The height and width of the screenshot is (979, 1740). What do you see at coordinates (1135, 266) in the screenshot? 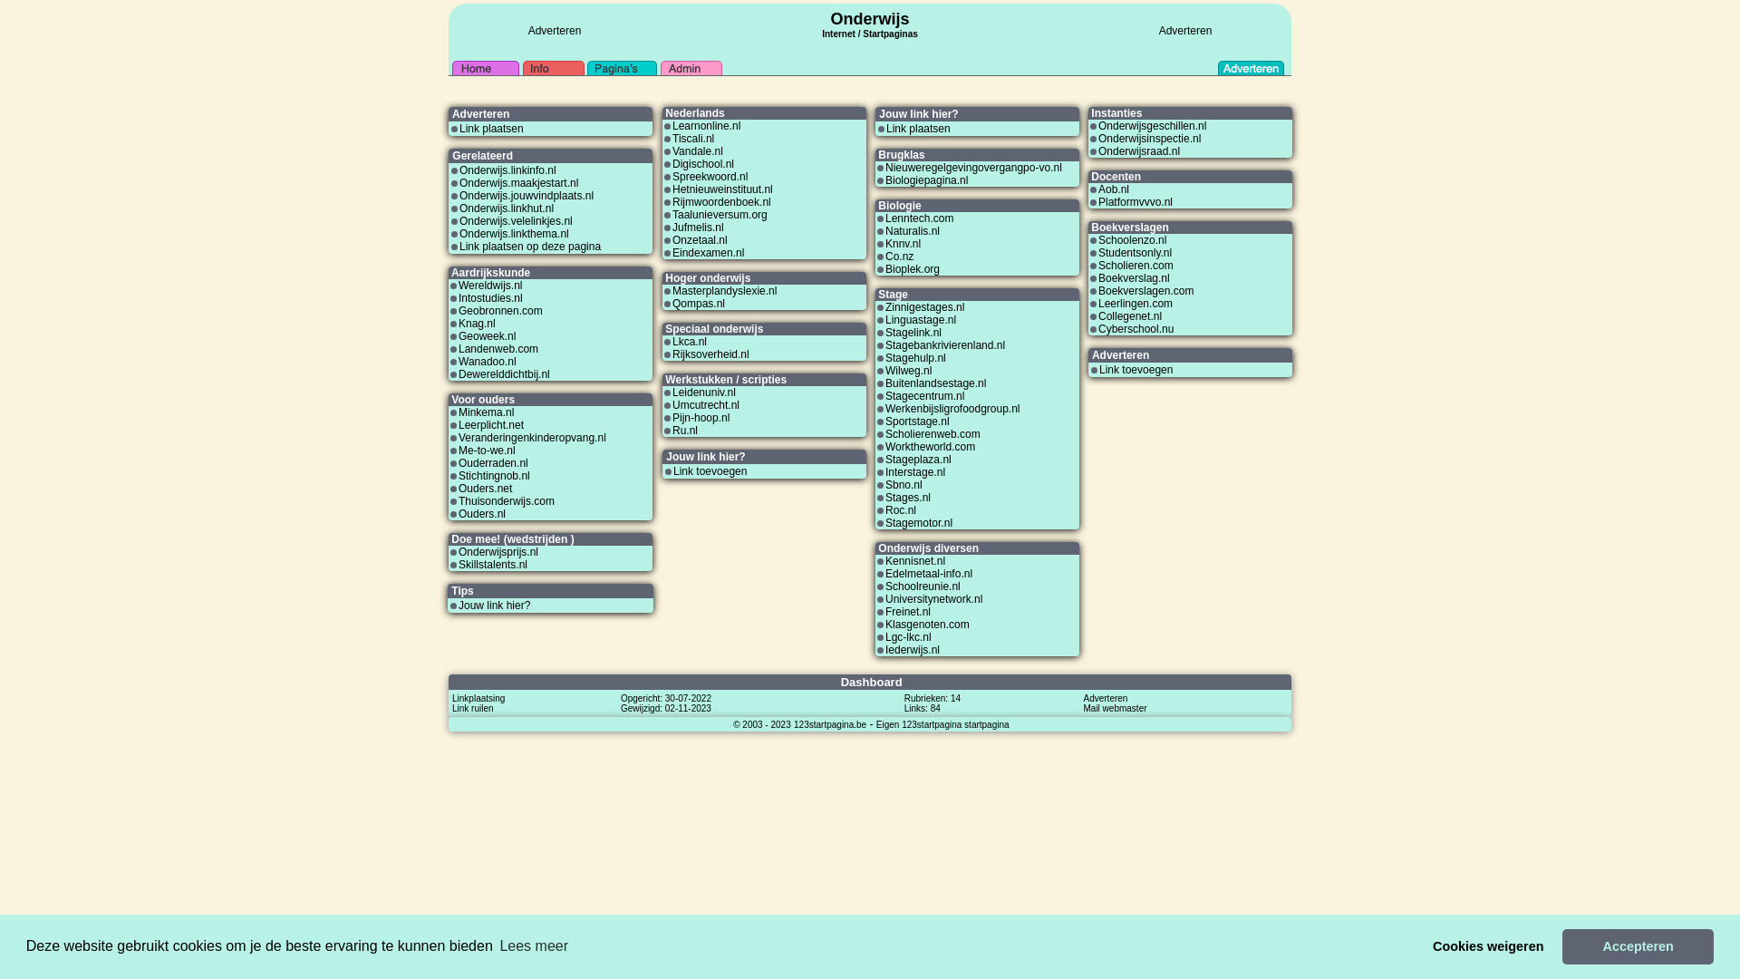
I see `'Scholieren.com'` at bounding box center [1135, 266].